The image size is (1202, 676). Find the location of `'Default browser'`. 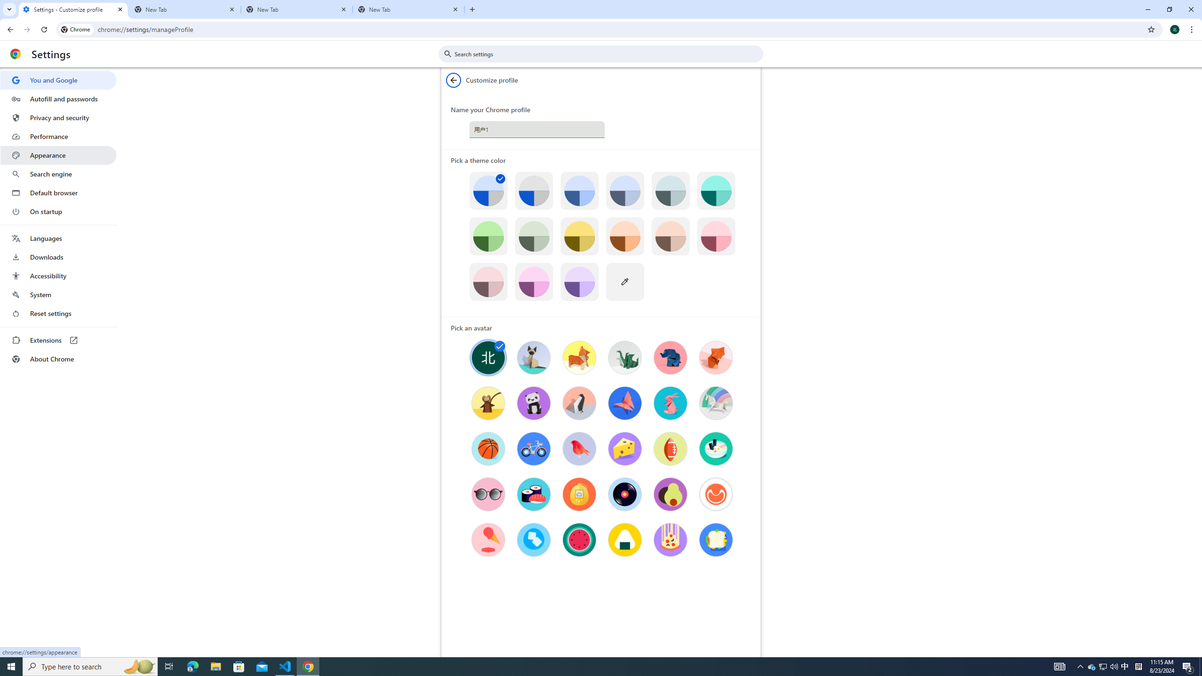

'Default browser' is located at coordinates (58, 192).